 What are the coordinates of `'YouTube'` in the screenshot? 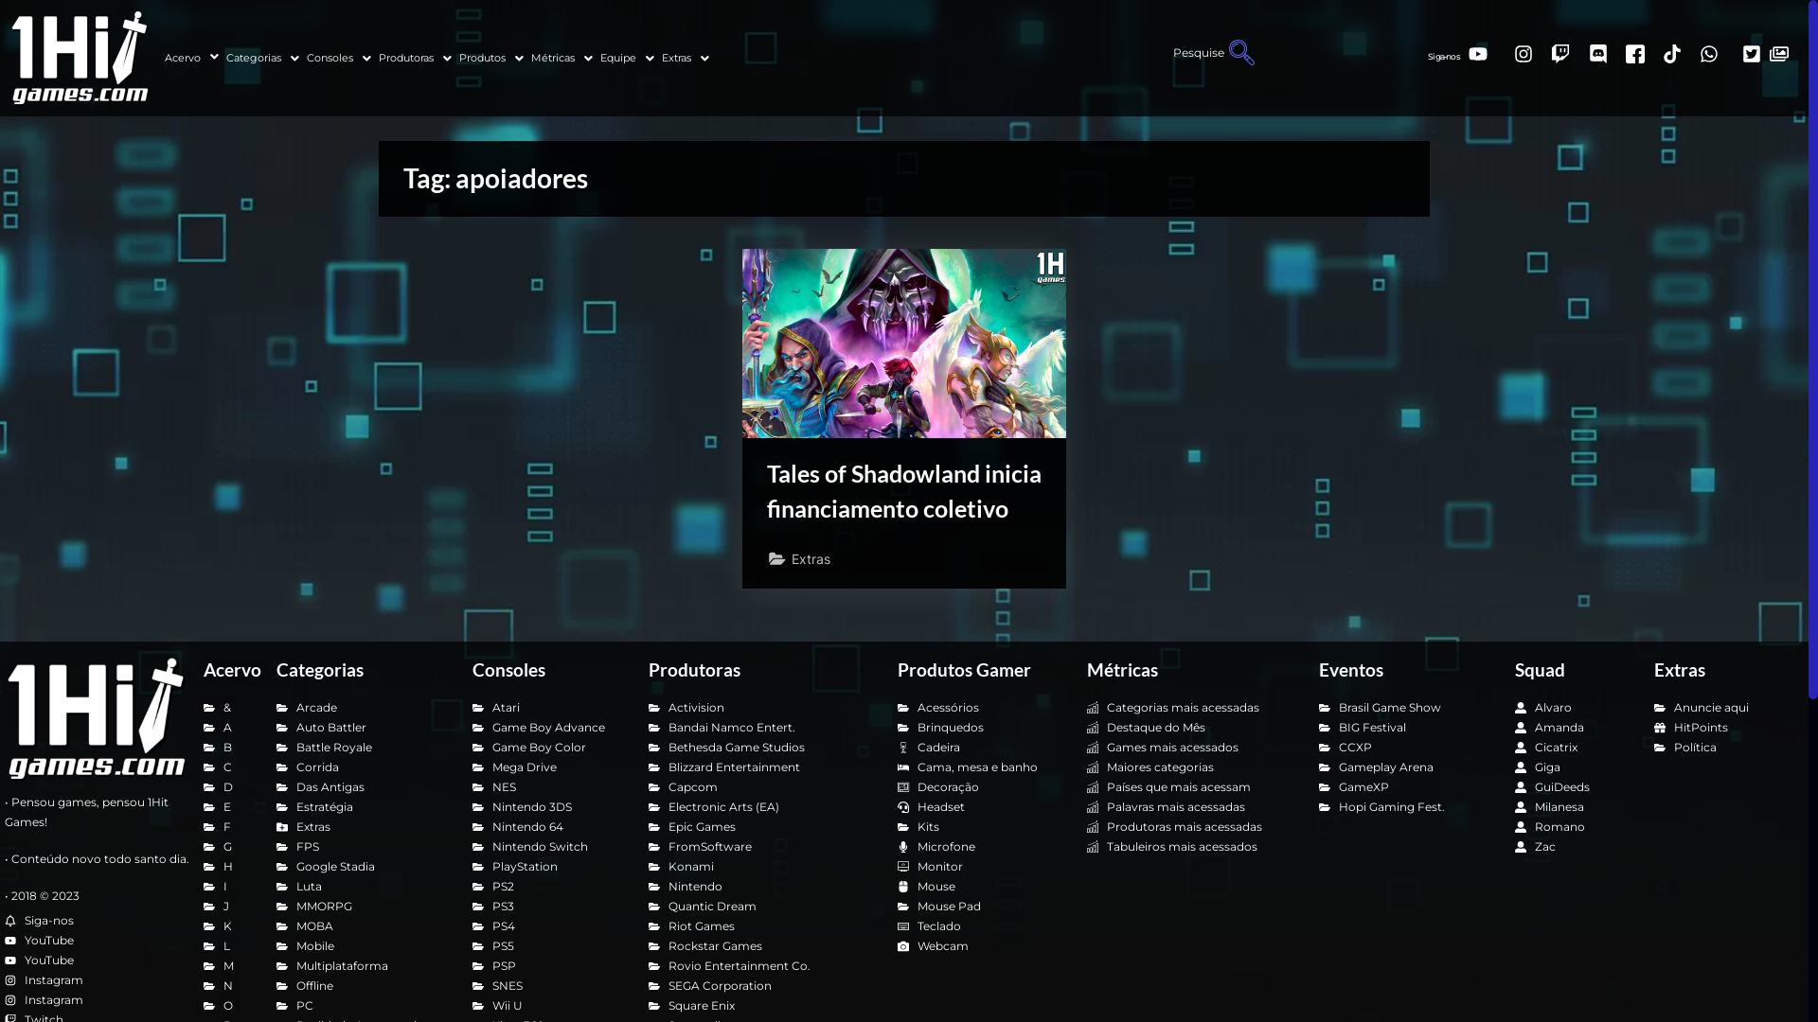 It's located at (96, 940).